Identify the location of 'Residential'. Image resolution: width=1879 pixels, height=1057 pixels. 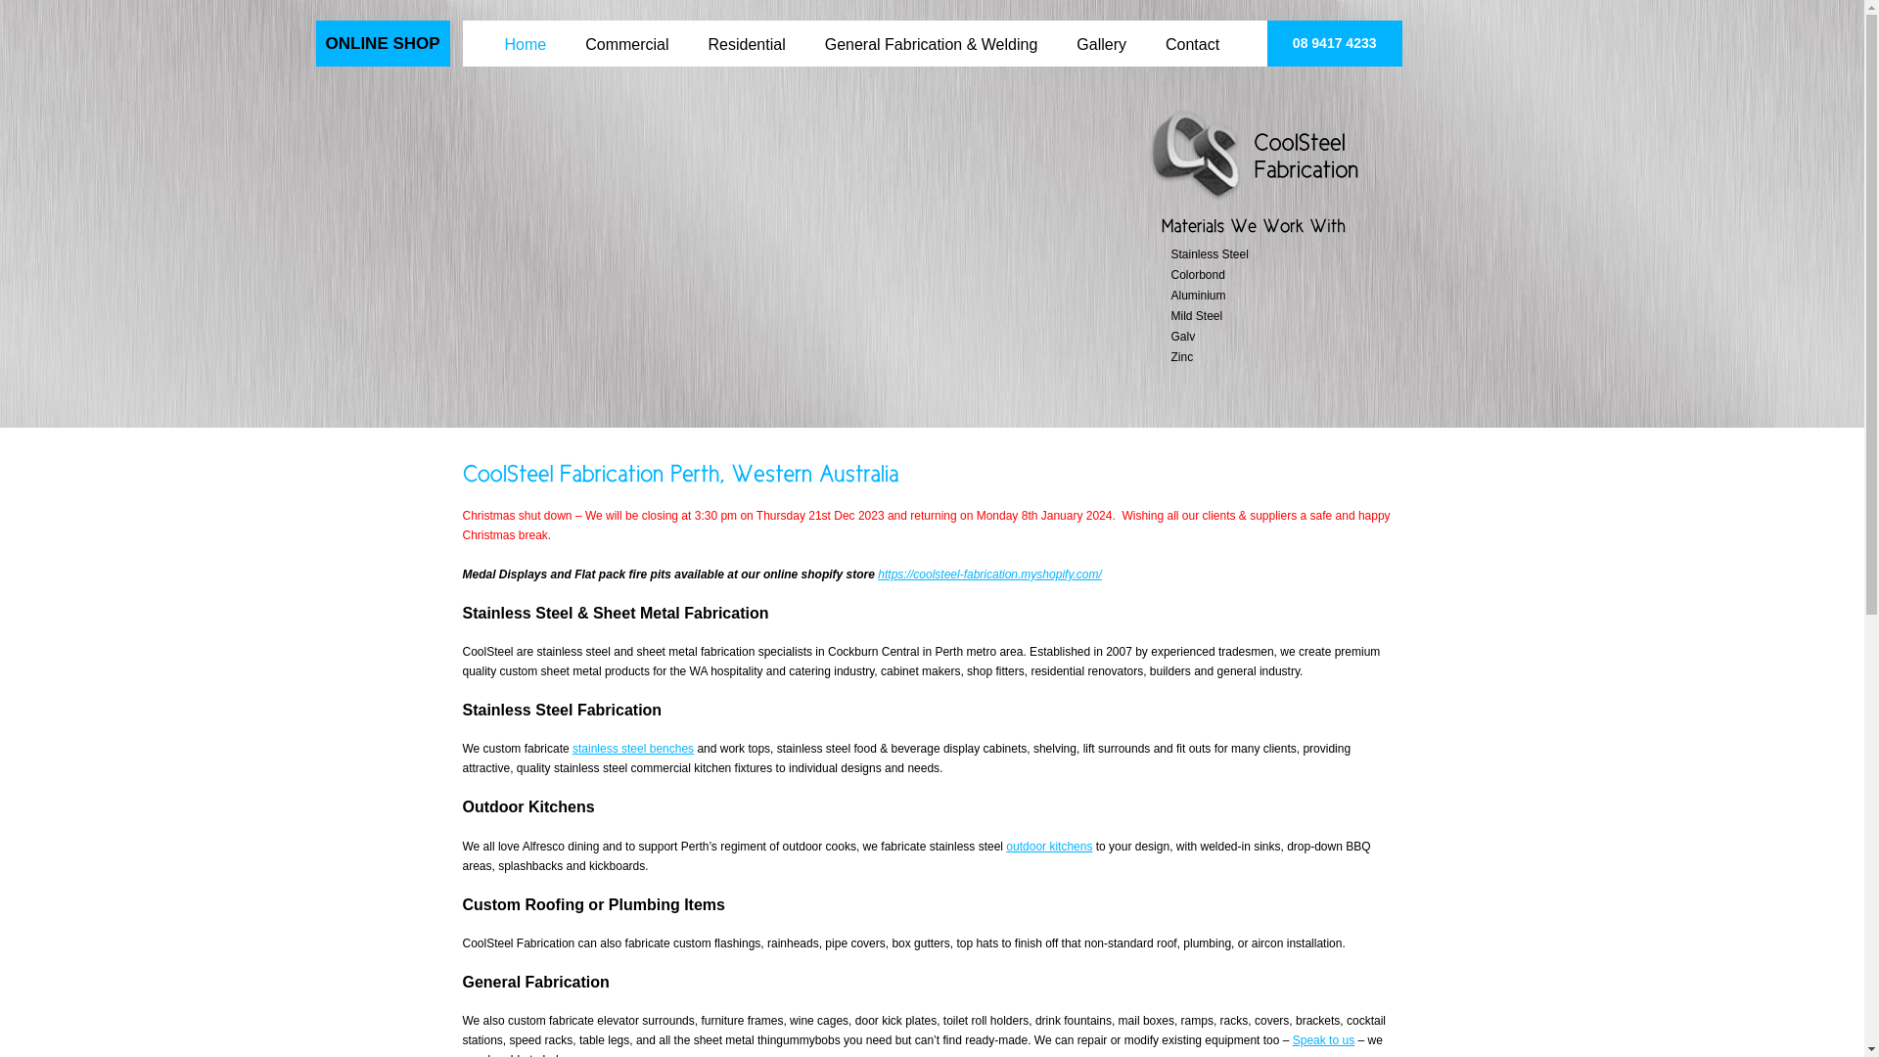
(746, 32).